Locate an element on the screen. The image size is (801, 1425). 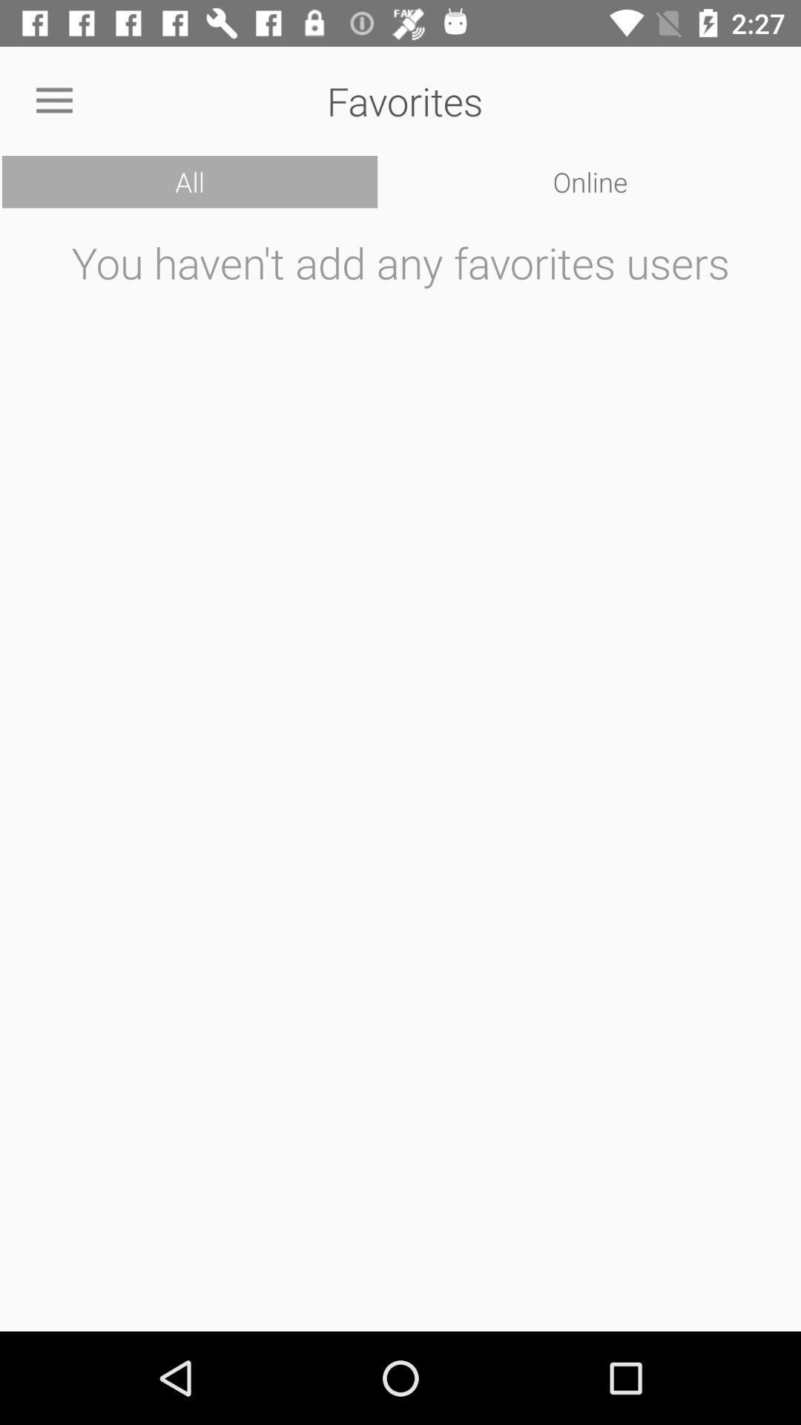
the icon below the favorites item is located at coordinates (590, 181).